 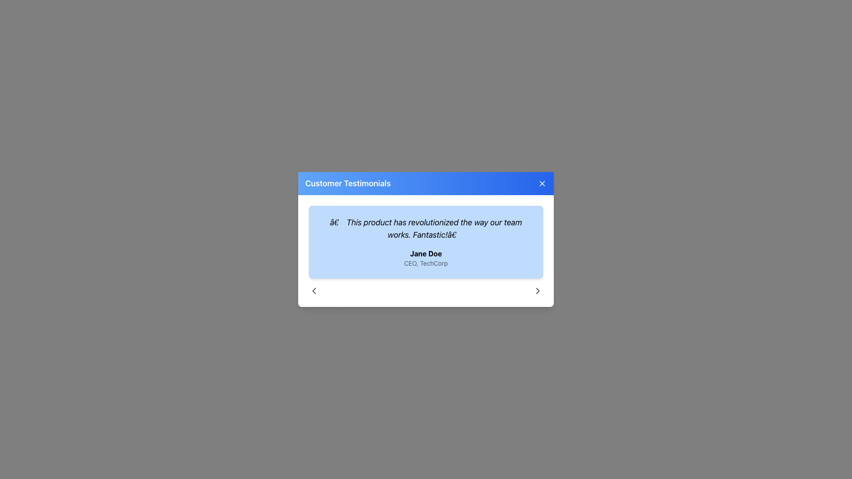 I want to click on the right-pointing chevron icon in the customer testimonials section, so click(x=537, y=291).